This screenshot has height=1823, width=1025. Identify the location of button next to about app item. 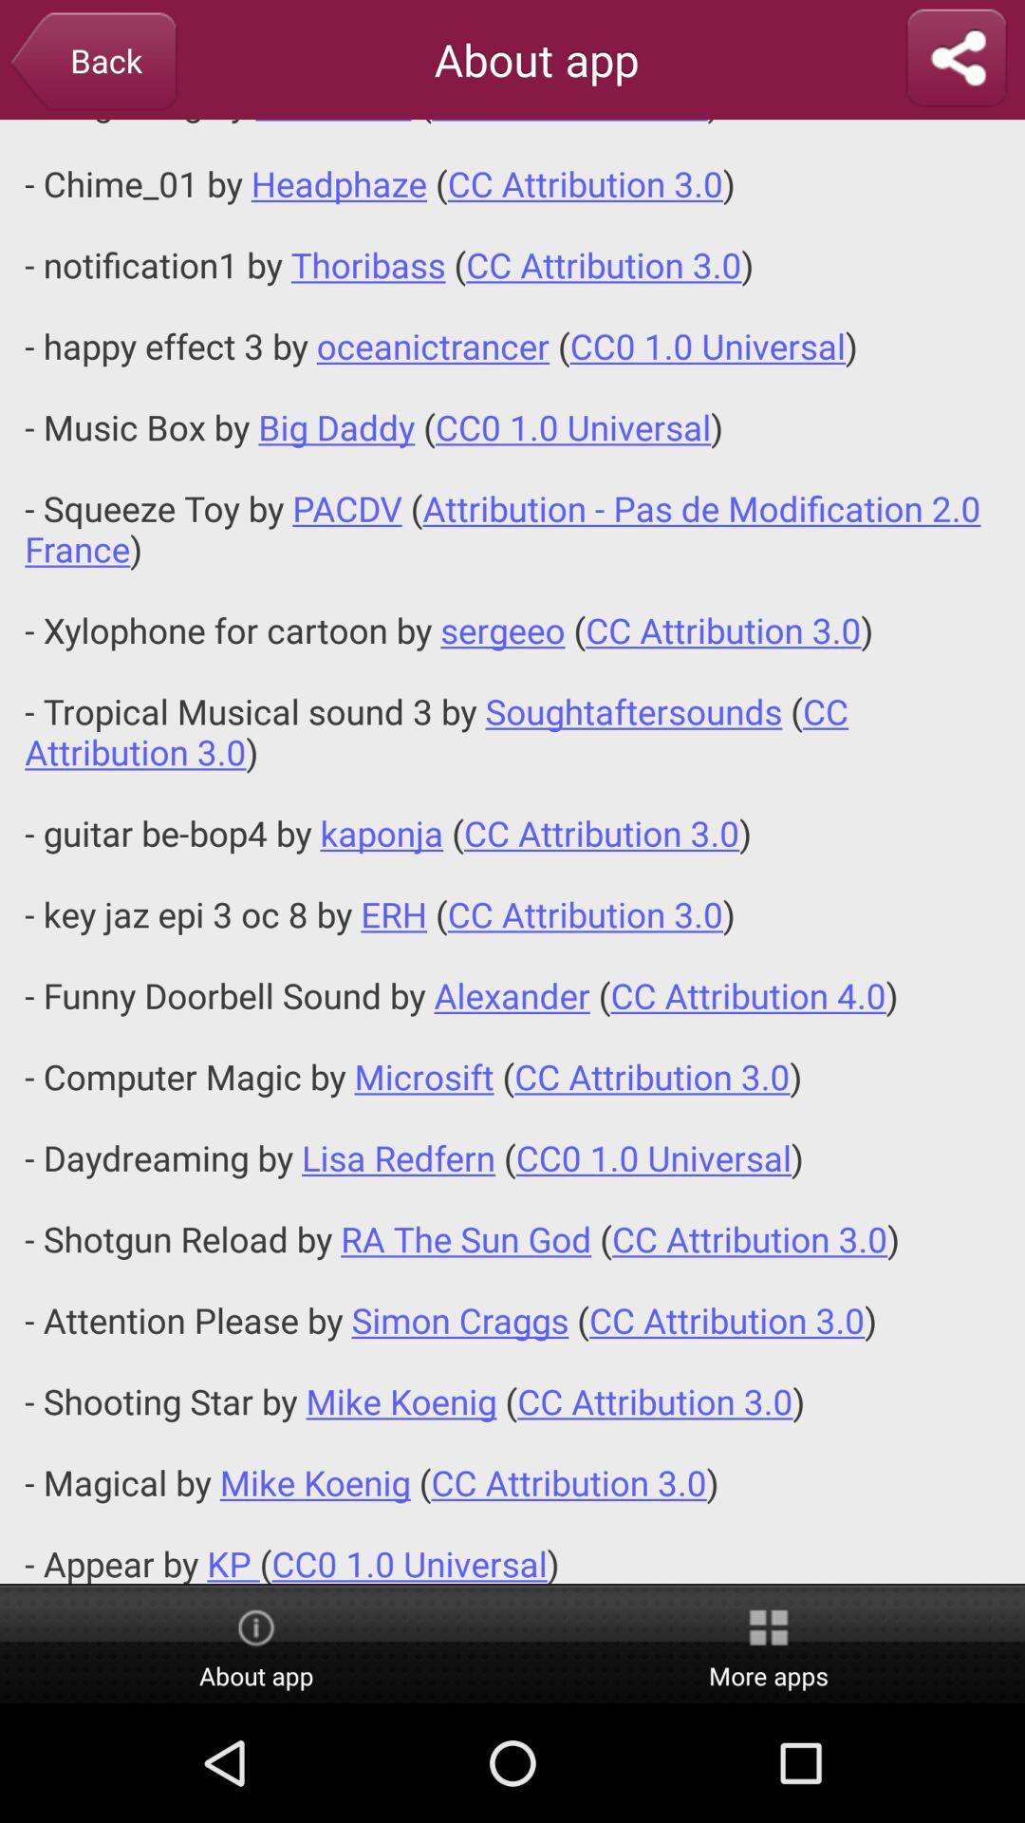
(769, 1644).